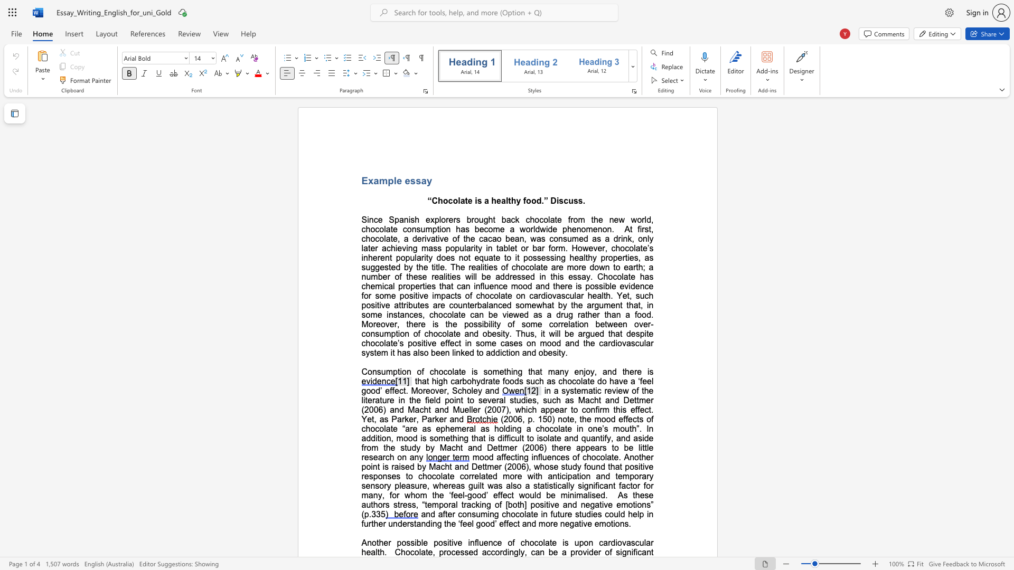 The image size is (1014, 570). Describe the element at coordinates (646, 419) in the screenshot. I see `the subset text "of chocolate “are as ephemeral as holding a chocolate in one’s mouth”. In addition, mood is something that is d" within the text "(2006, p. 150) note, the mood effects of chocolate “are as ephemeral as holding a chocolate in one’s mouth”. In addition, mood is something that is difficult to isolate and quantify, and aside from the study by Macht and Dettmer (2006) there appears to be little research on any"` at that location.